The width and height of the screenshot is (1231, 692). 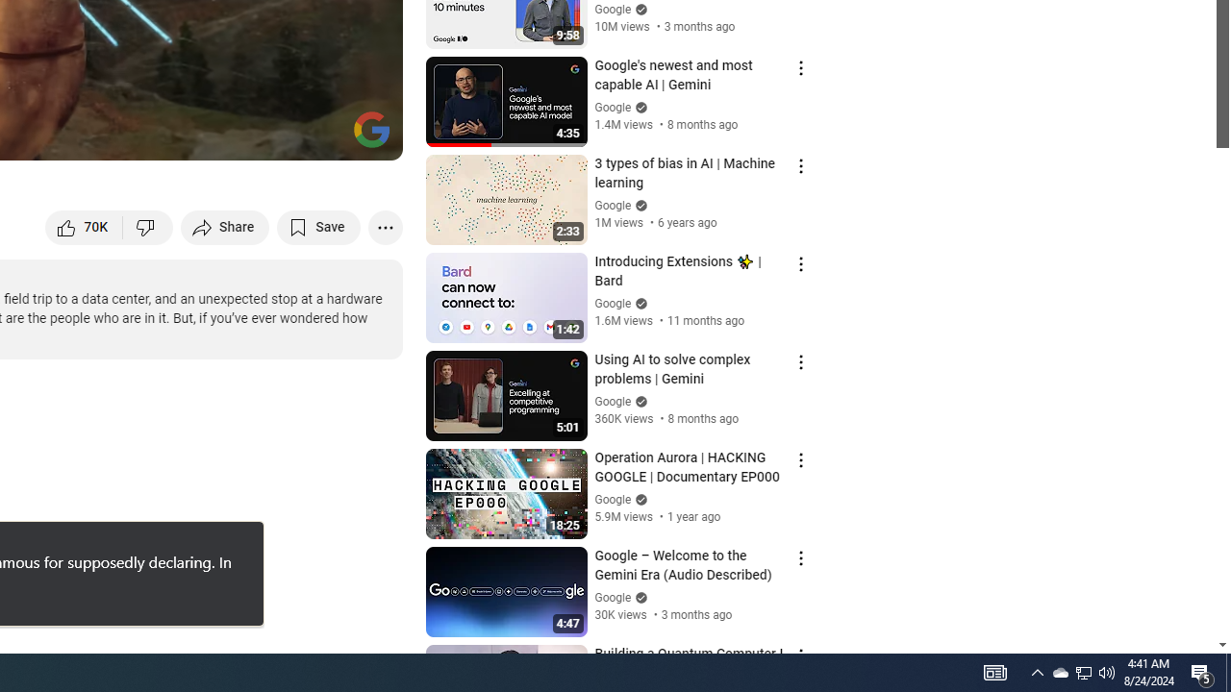 What do you see at coordinates (84, 226) in the screenshot?
I see `'like this video along with 70,975 other people'` at bounding box center [84, 226].